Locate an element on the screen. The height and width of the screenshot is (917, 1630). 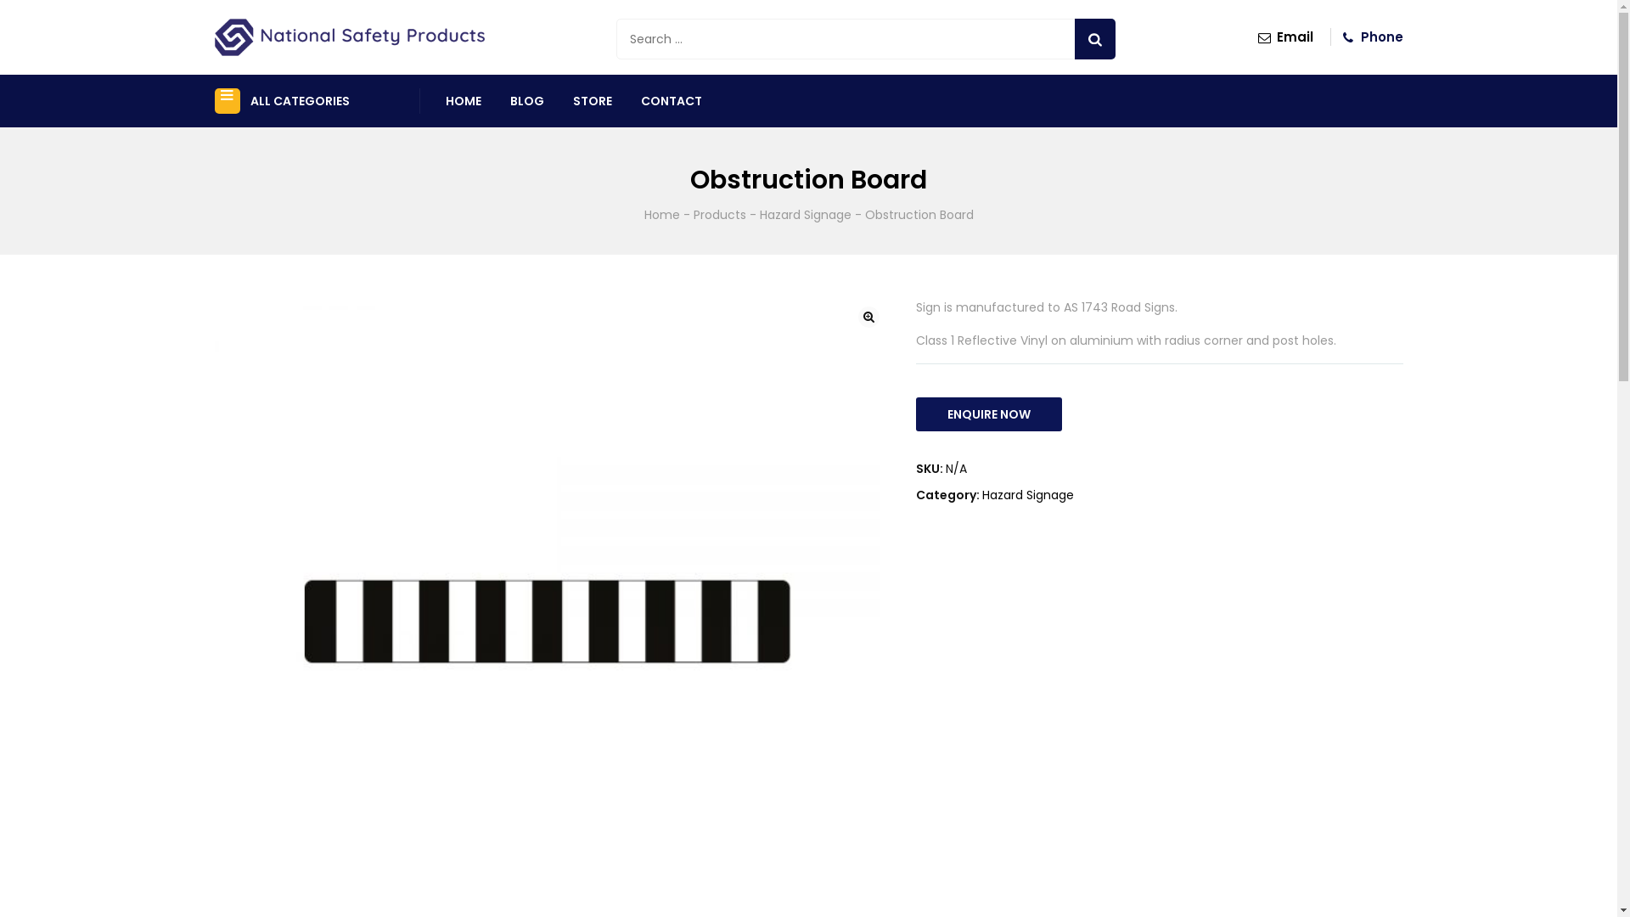
'Email' is located at coordinates (1284, 37).